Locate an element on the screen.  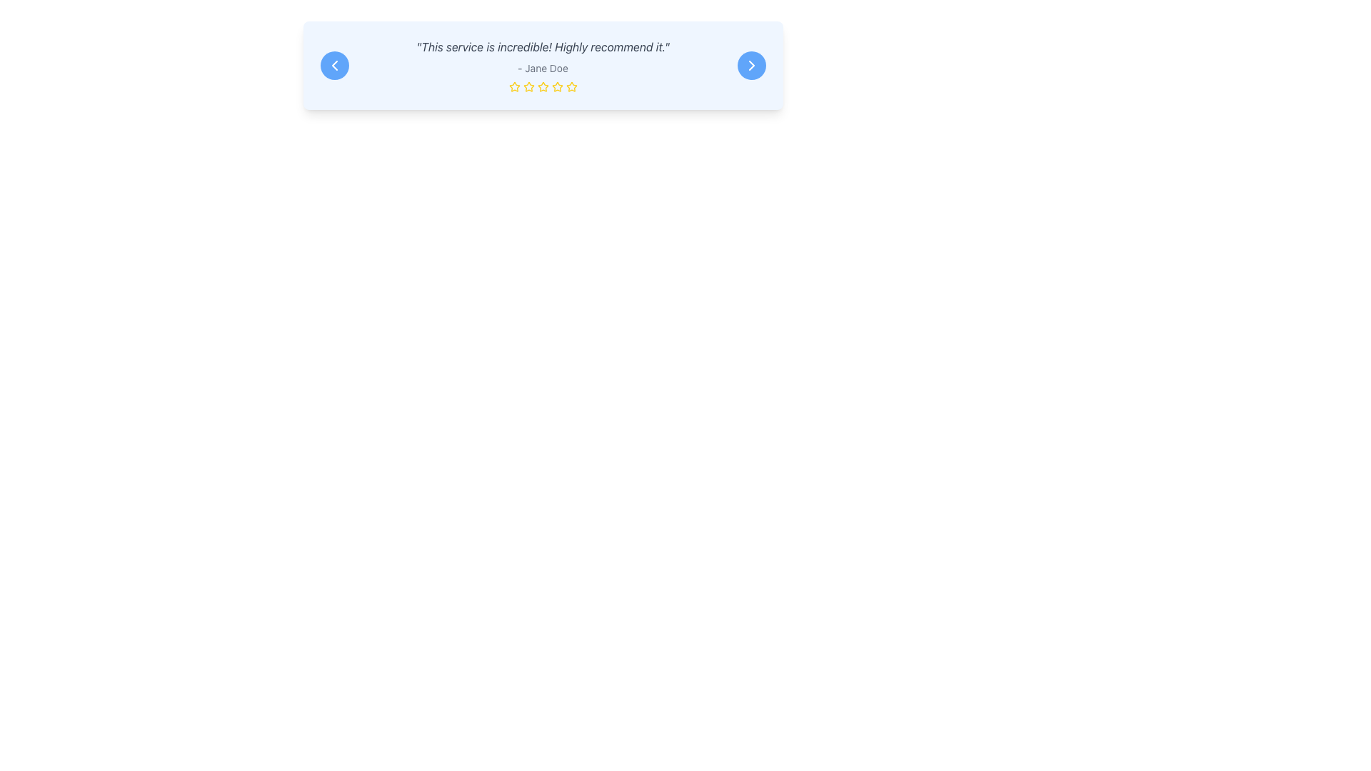
the rating shown by the horizontal row of five yellow star icons located at the bottom center of the testimonial card is located at coordinates (542, 87).